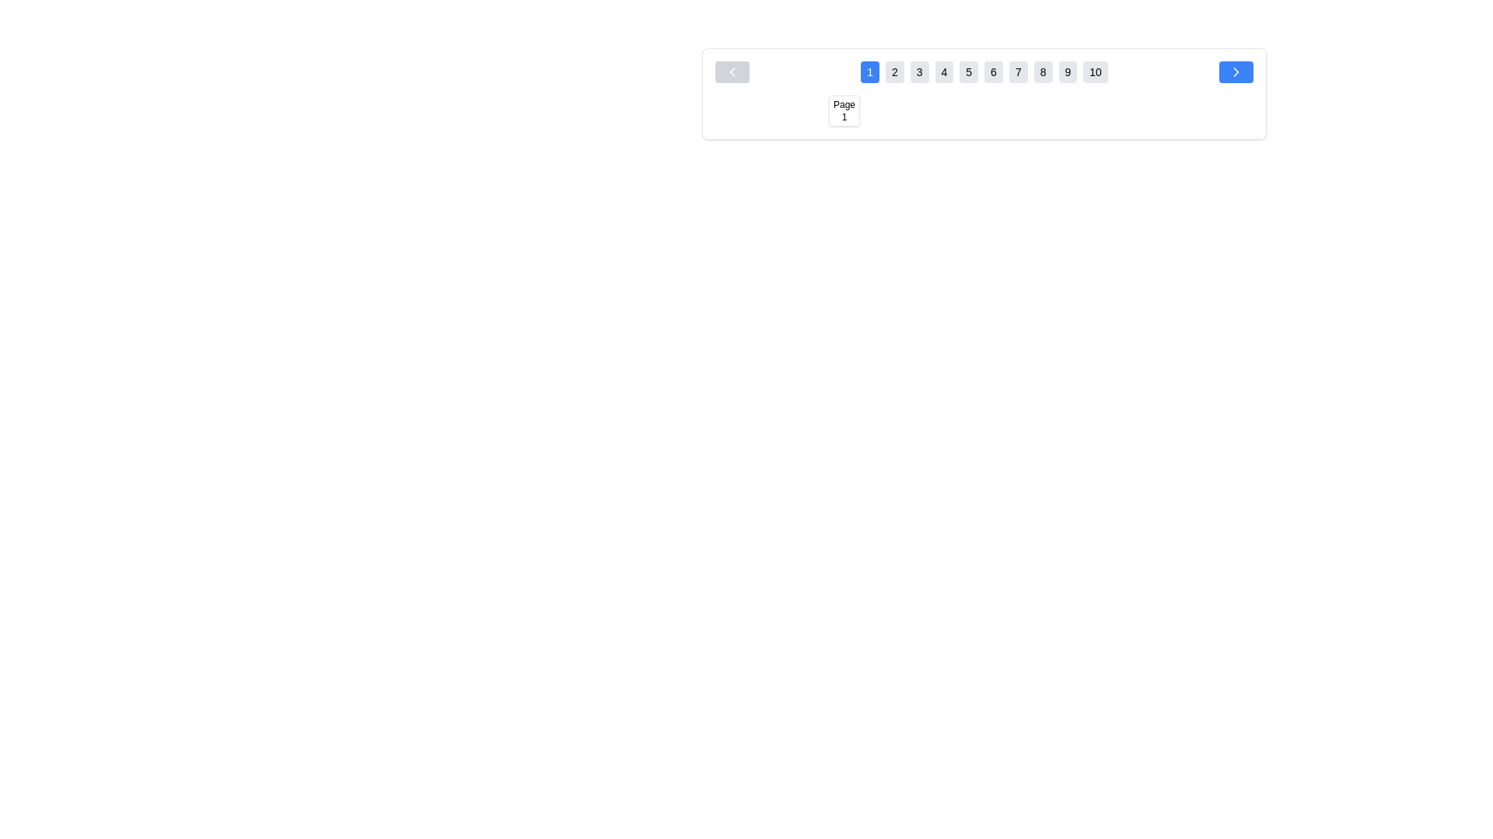  Describe the element at coordinates (968, 110) in the screenshot. I see `the fifth button in the pagination control system, located between buttons labeled '4' and '6'` at that location.